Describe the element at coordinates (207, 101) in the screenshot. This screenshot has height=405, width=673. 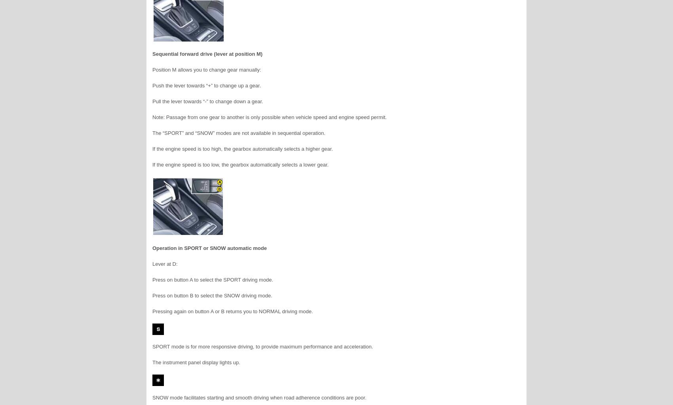
I see `'Pull the lever towards “-” to change down a gear.'` at that location.